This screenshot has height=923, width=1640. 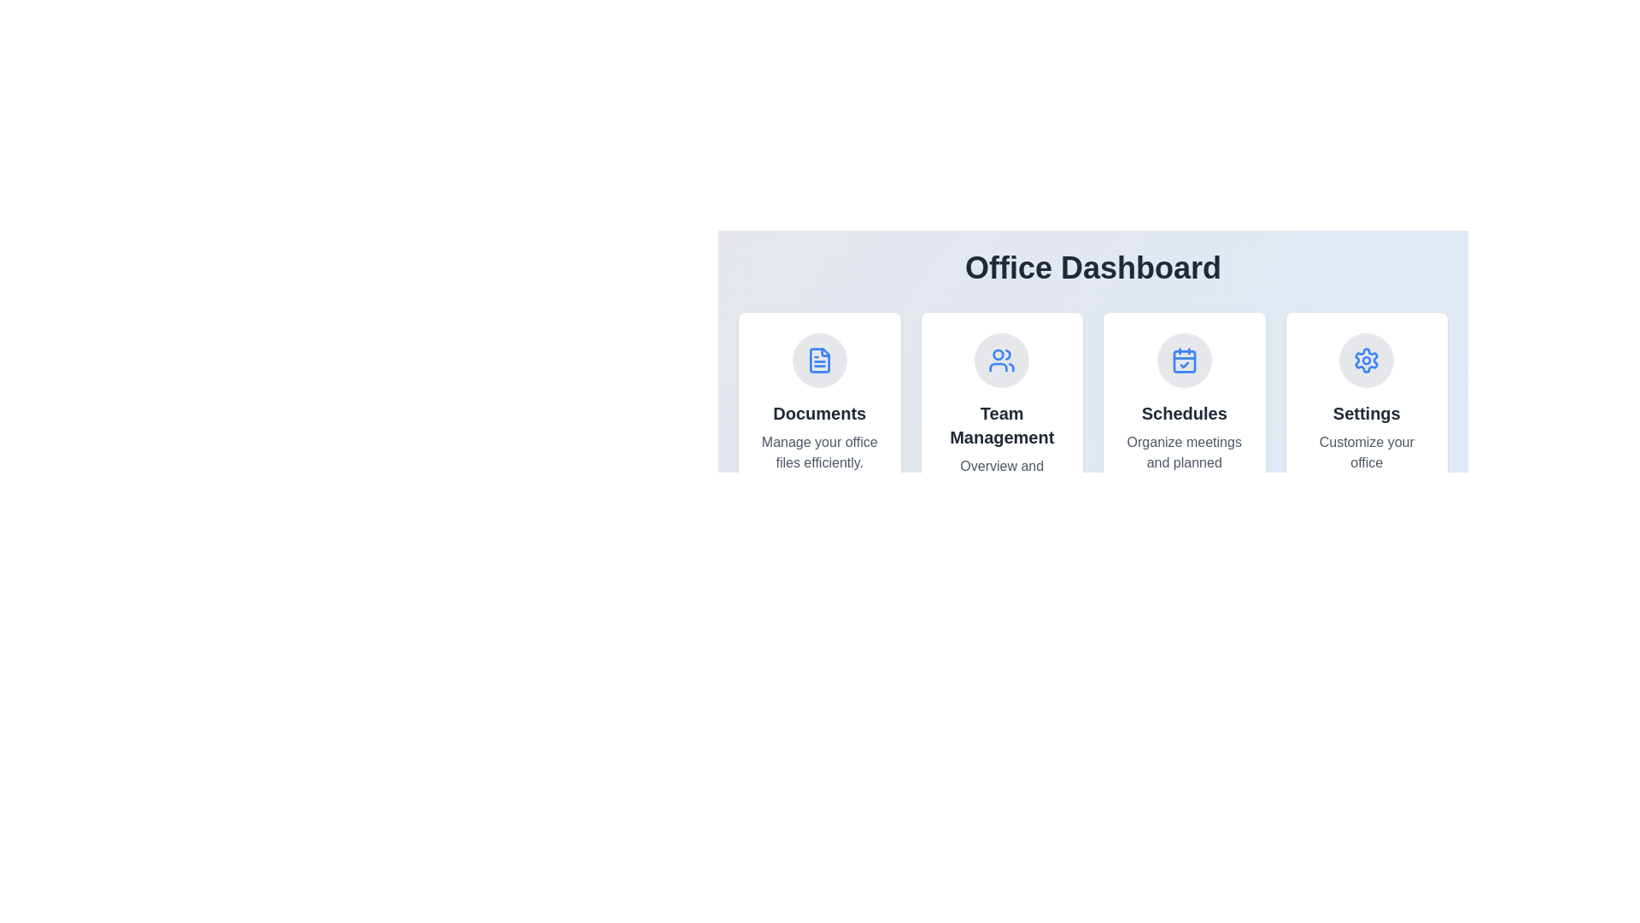 What do you see at coordinates (818, 359) in the screenshot?
I see `the document icon located in the leftmost 'Documents' card on the dashboard, which represents document management or access functionality` at bounding box center [818, 359].